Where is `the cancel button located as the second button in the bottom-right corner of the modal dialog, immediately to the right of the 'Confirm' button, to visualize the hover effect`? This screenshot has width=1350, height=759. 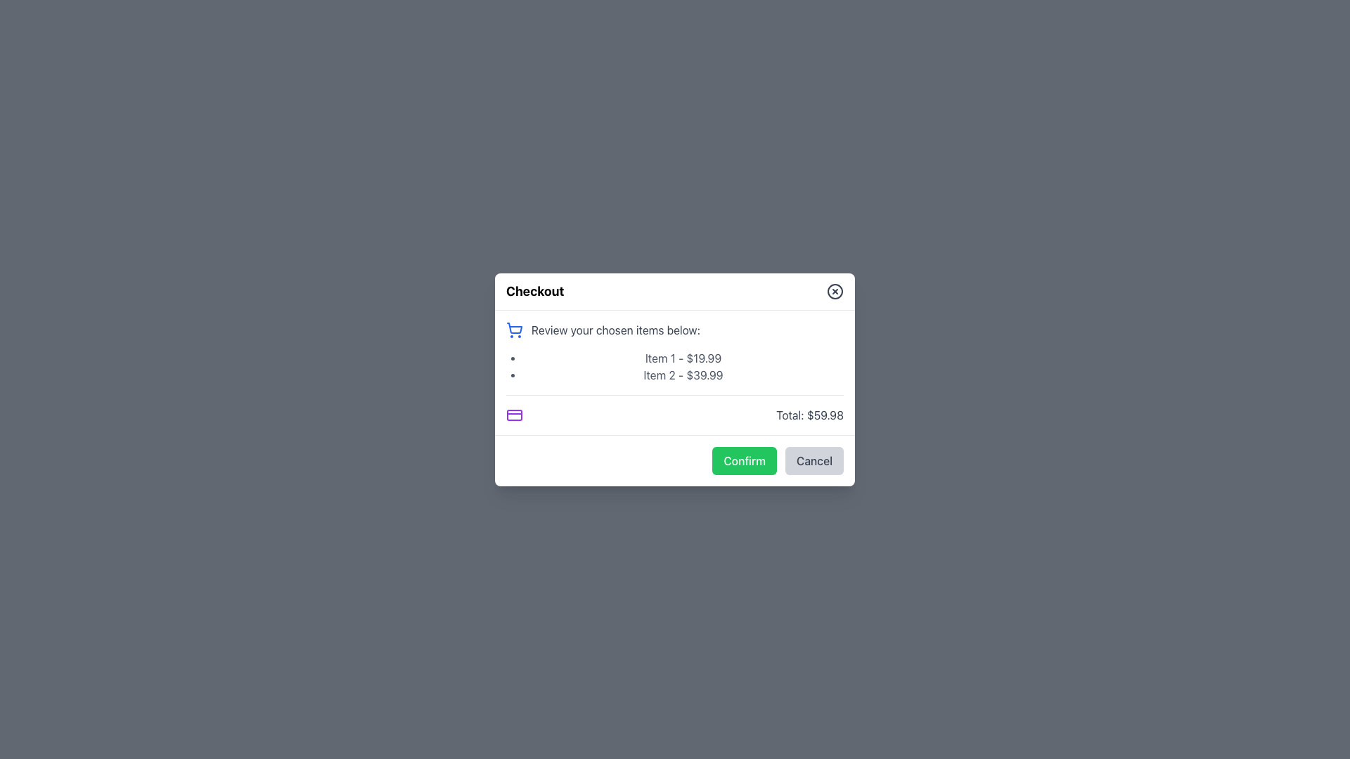
the cancel button located as the second button in the bottom-right corner of the modal dialog, immediately to the right of the 'Confirm' button, to visualize the hover effect is located at coordinates (814, 460).